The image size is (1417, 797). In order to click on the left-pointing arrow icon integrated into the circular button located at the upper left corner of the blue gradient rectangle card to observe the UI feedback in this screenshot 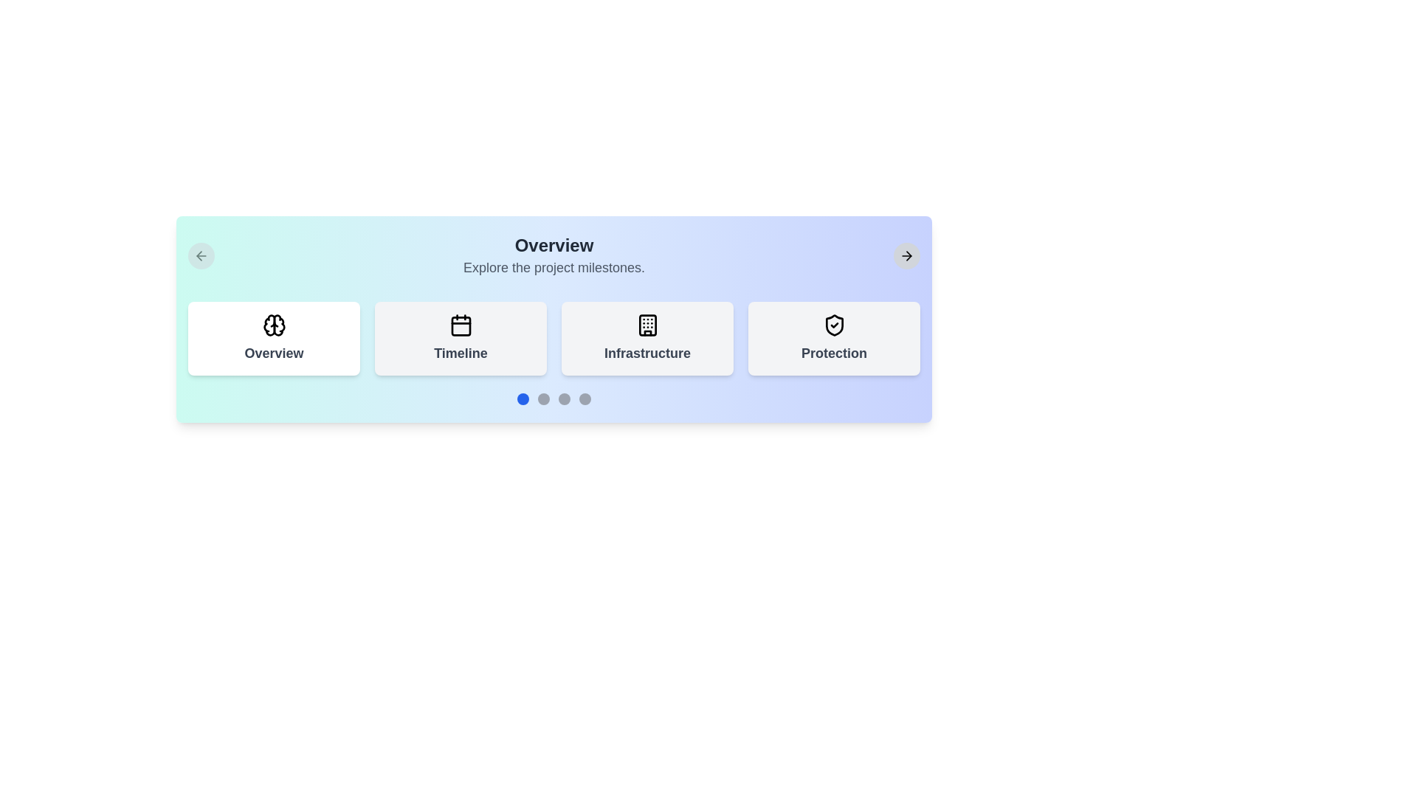, I will do `click(201, 255)`.